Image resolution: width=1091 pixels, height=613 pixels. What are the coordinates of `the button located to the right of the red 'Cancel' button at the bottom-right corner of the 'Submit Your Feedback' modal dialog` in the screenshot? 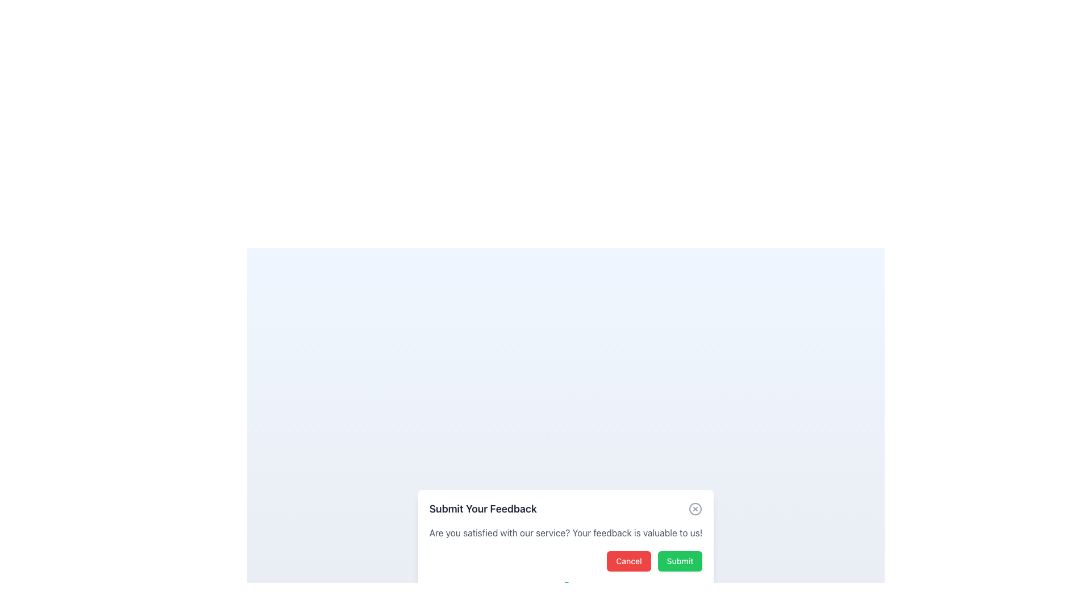 It's located at (680, 560).